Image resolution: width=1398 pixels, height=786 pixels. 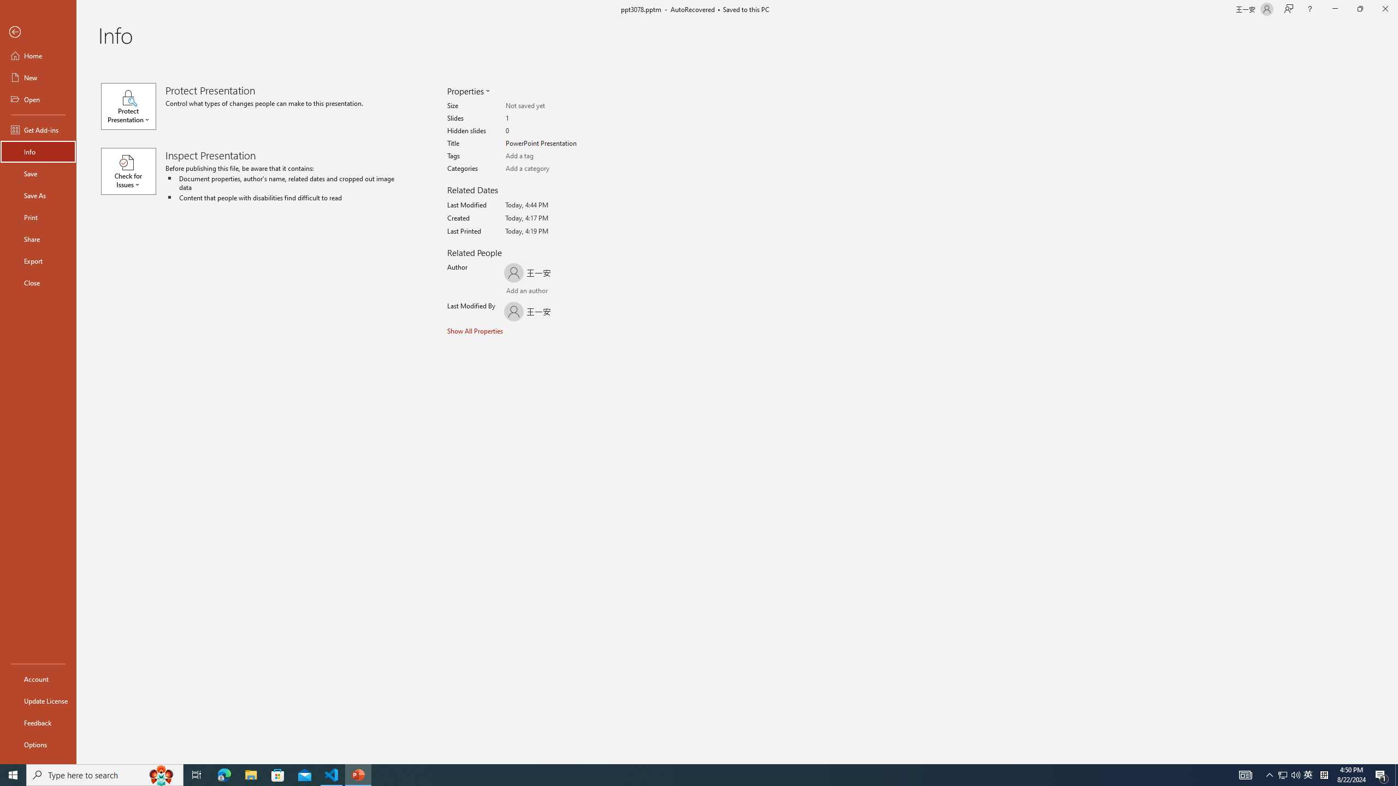 What do you see at coordinates (548, 131) in the screenshot?
I see `'Hidden slides'` at bounding box center [548, 131].